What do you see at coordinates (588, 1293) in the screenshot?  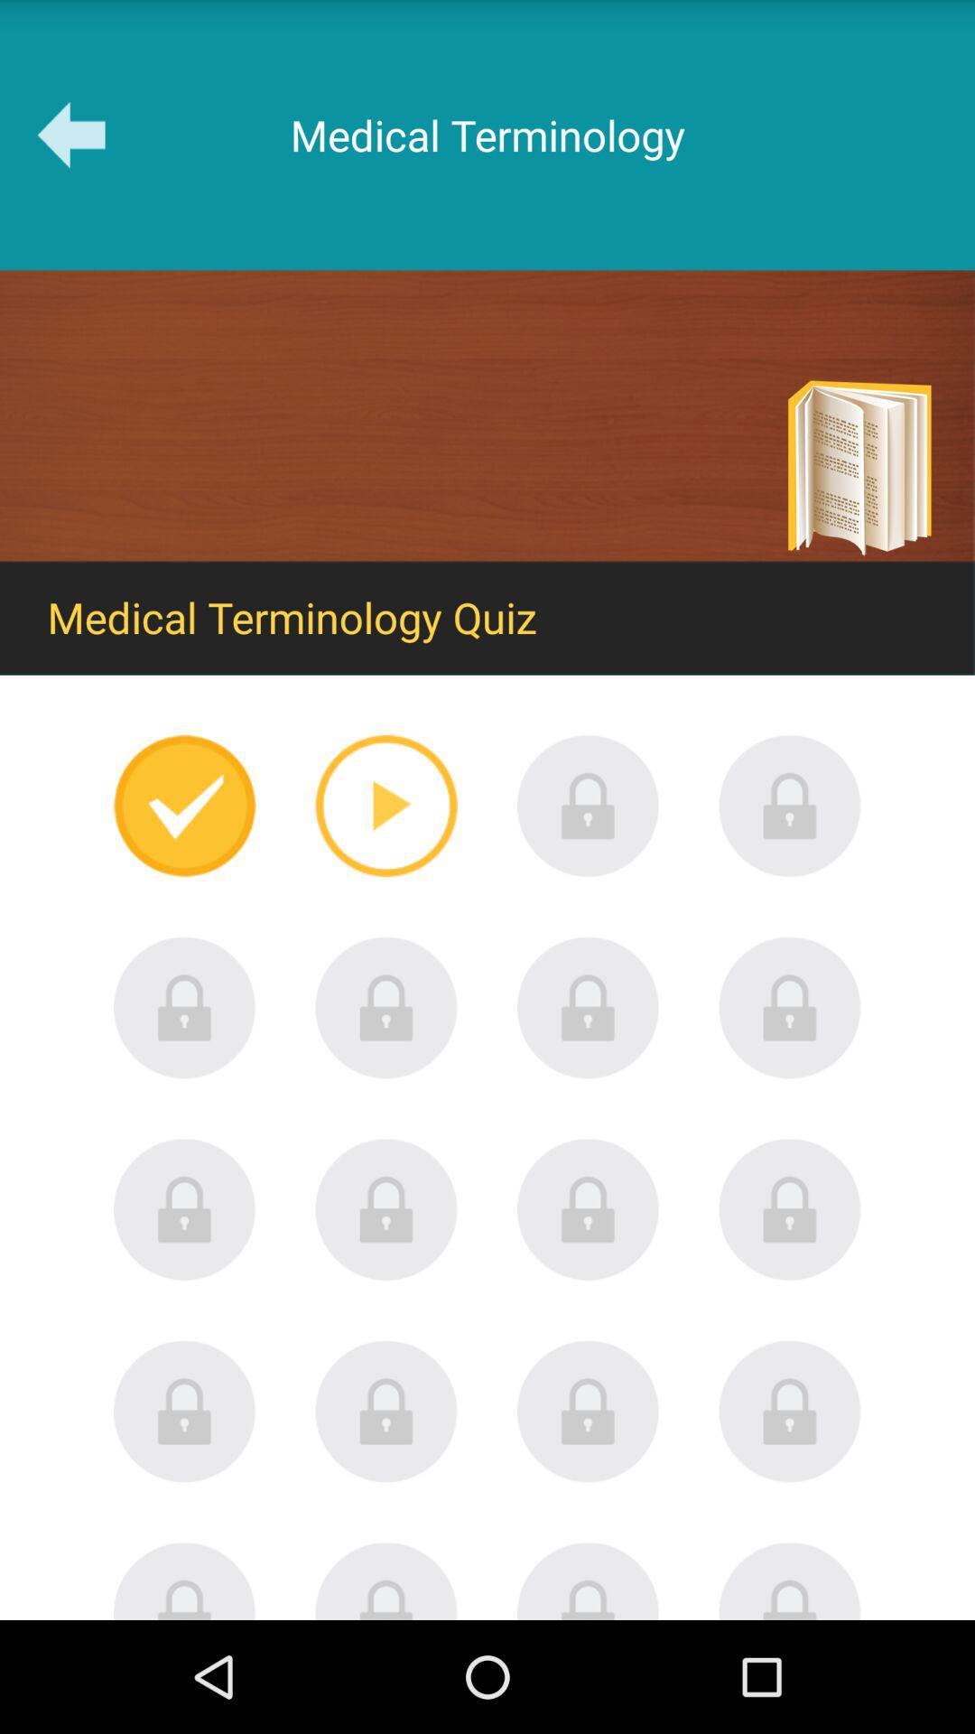 I see `the lock icon` at bounding box center [588, 1293].